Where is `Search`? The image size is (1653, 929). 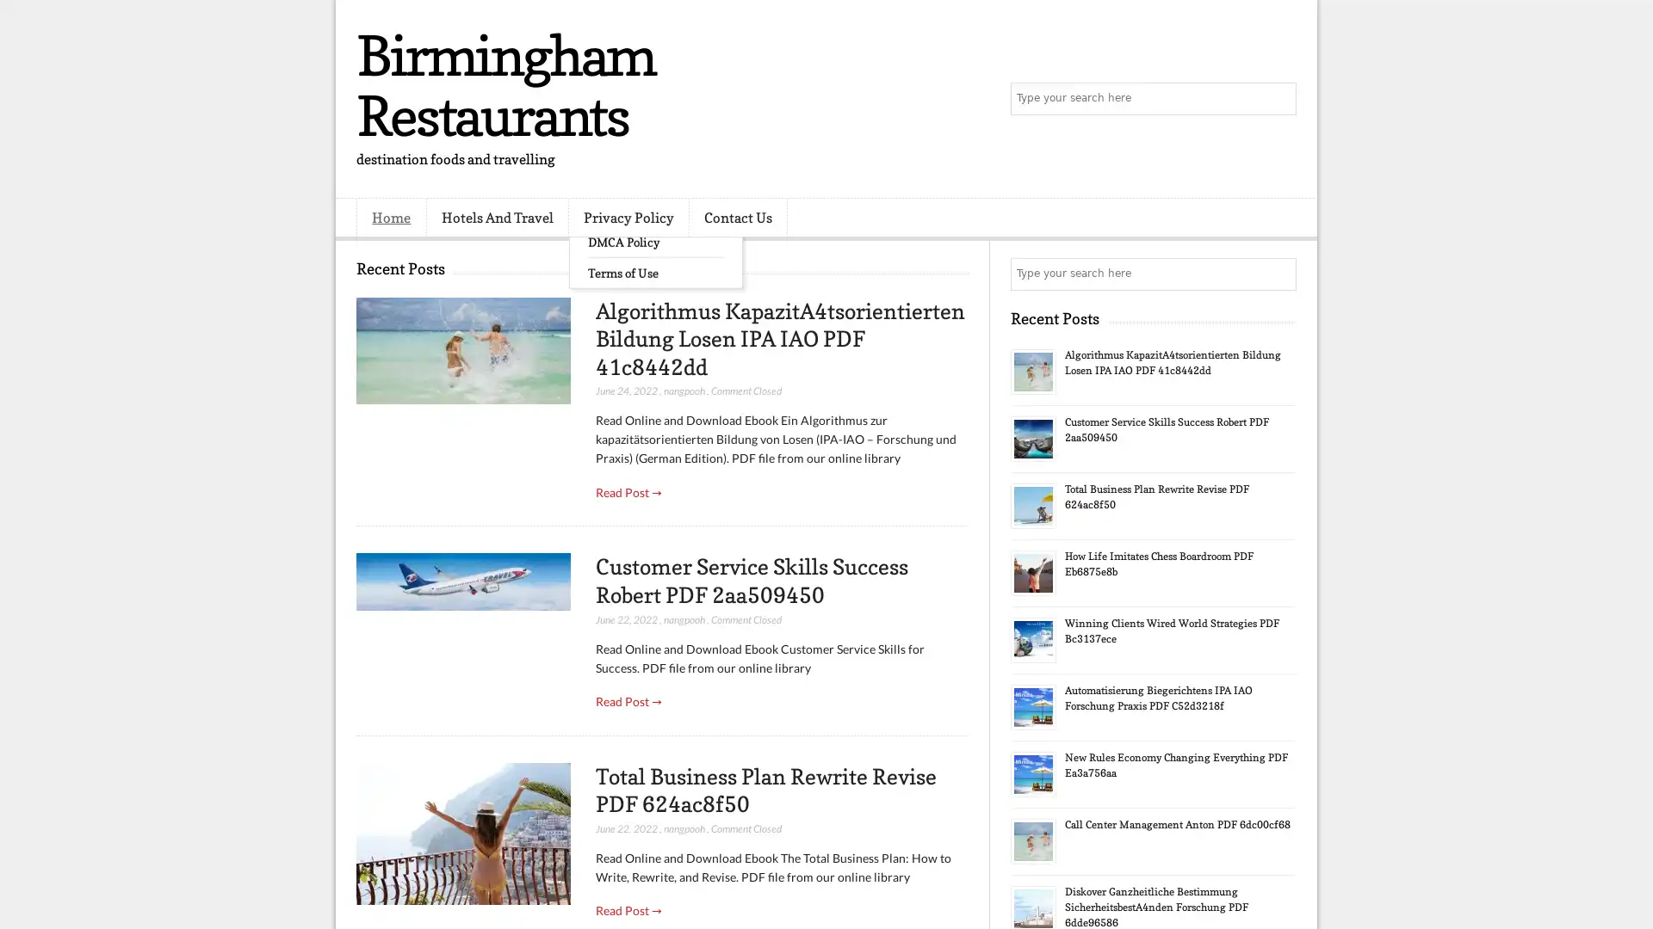
Search is located at coordinates (1278, 99).